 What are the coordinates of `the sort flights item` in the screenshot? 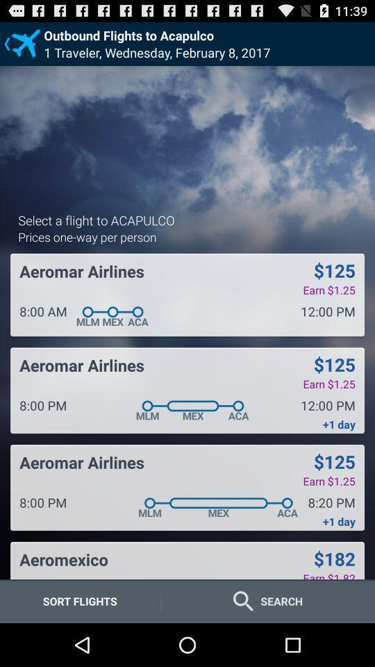 It's located at (80, 600).